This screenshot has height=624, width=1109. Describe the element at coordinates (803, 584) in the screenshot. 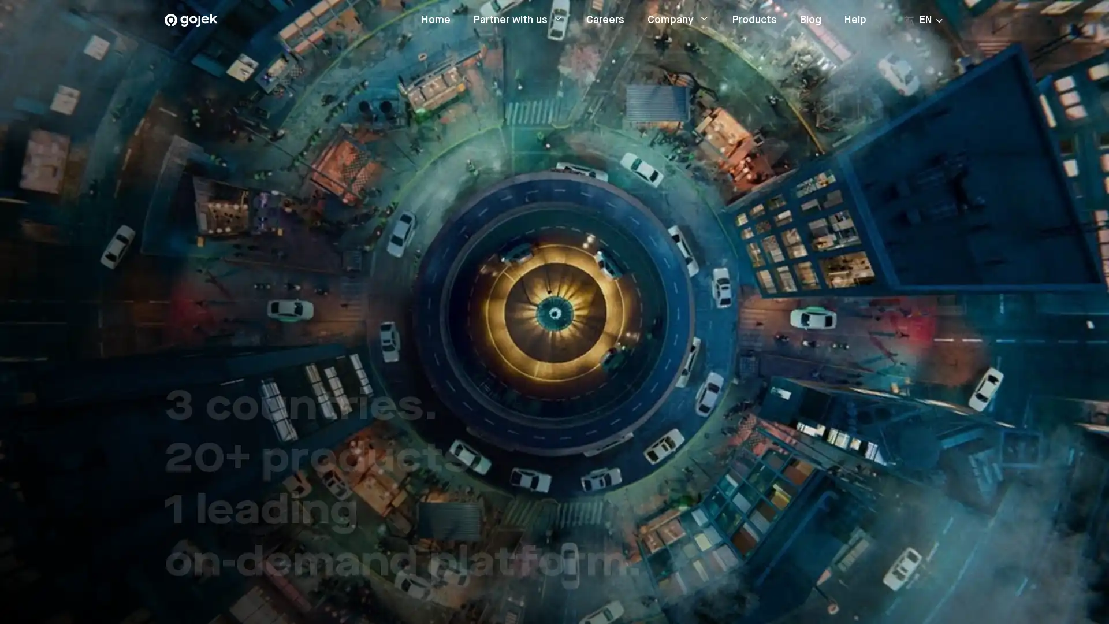

I see `Manage Cookies` at that location.